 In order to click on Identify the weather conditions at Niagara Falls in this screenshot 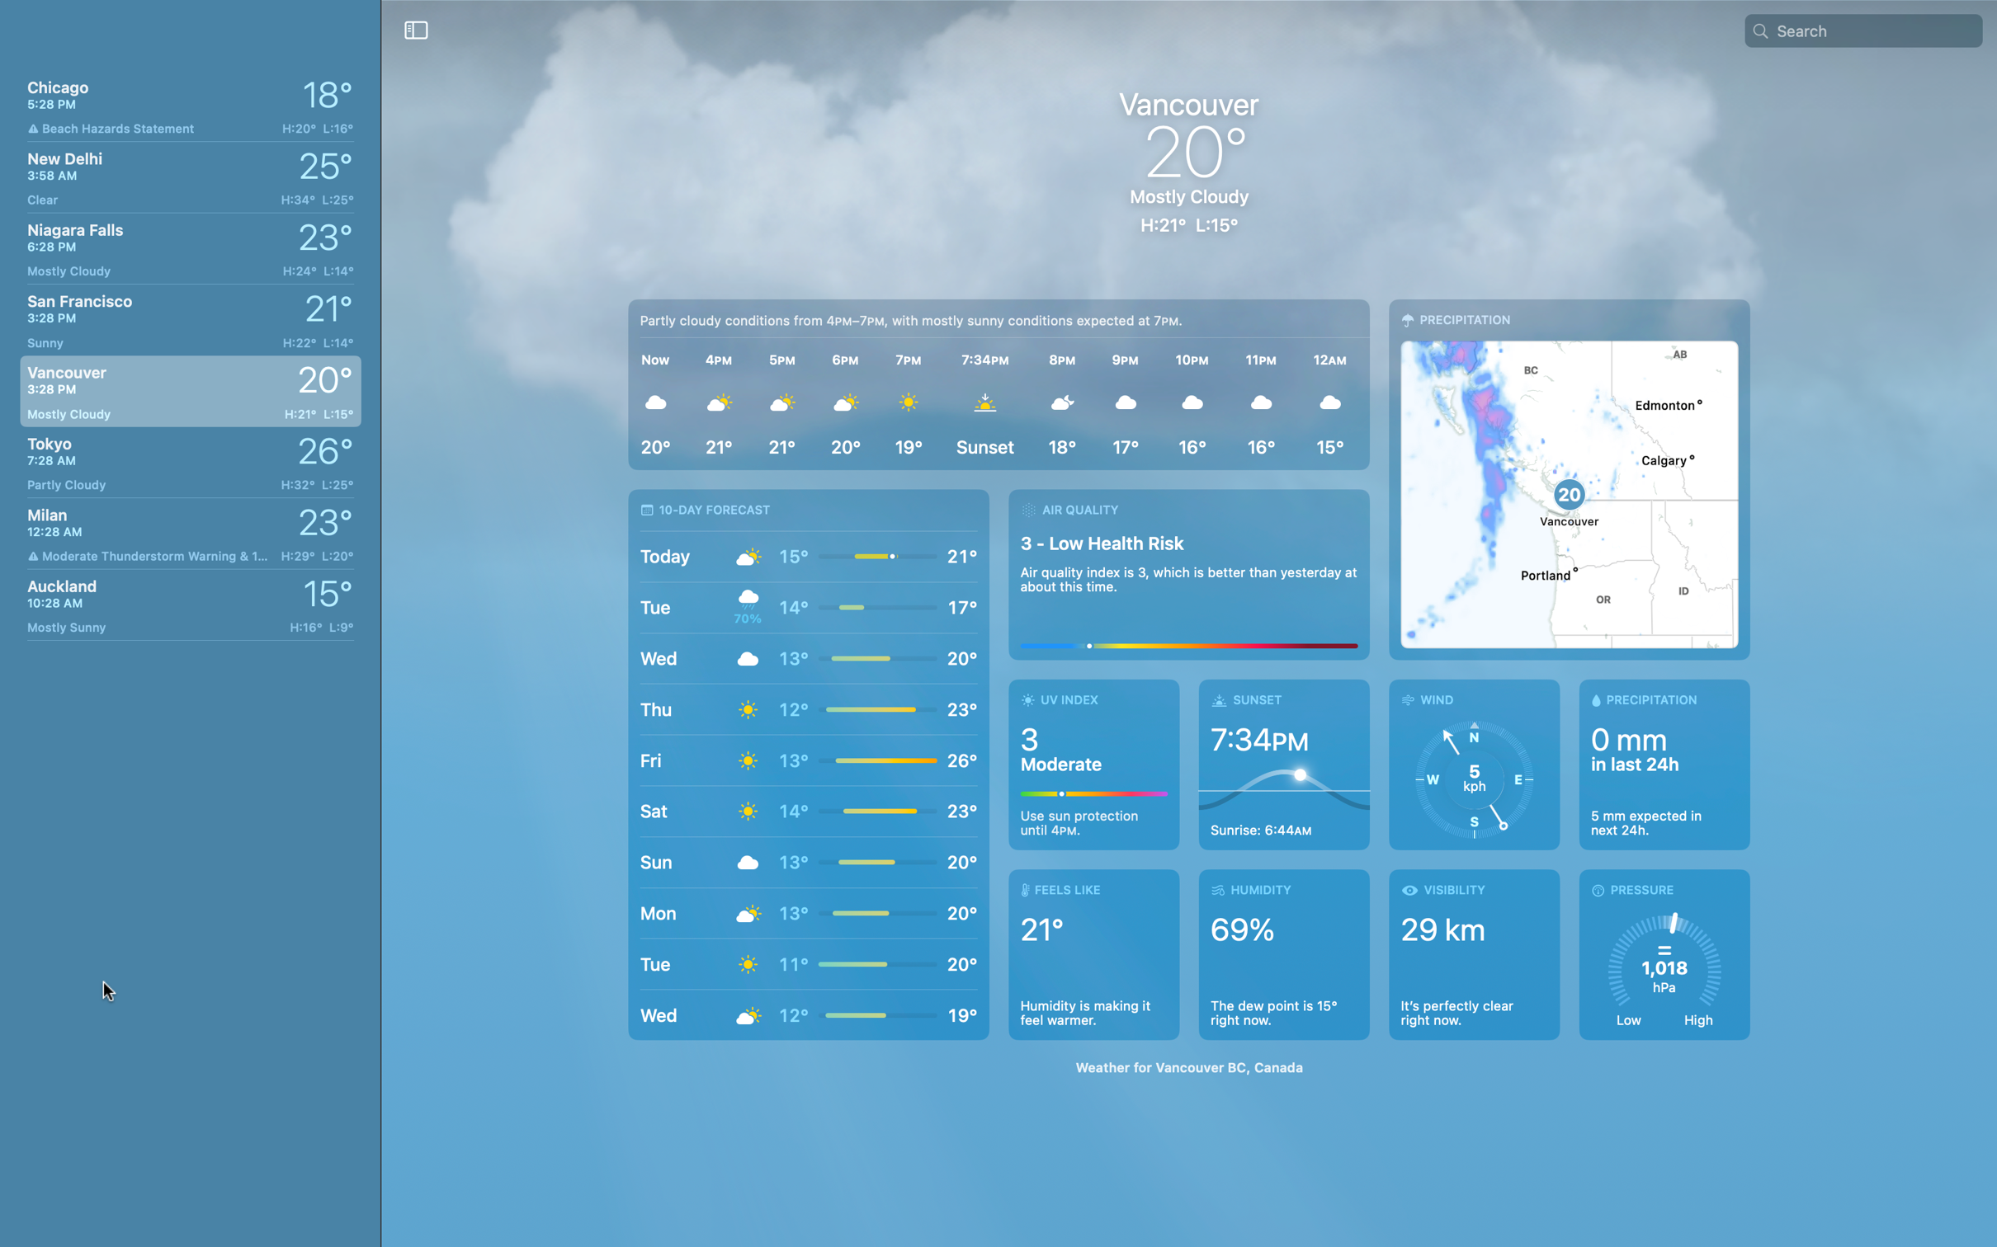, I will do `click(188, 245)`.